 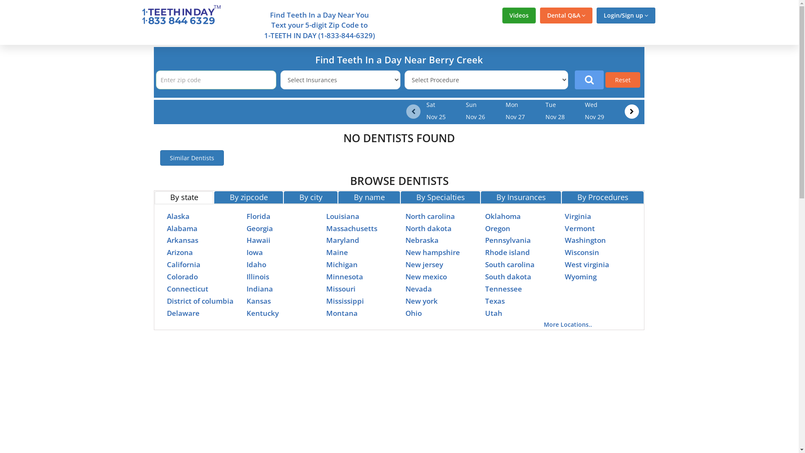 I want to click on 'Connecticut', so click(x=187, y=288).